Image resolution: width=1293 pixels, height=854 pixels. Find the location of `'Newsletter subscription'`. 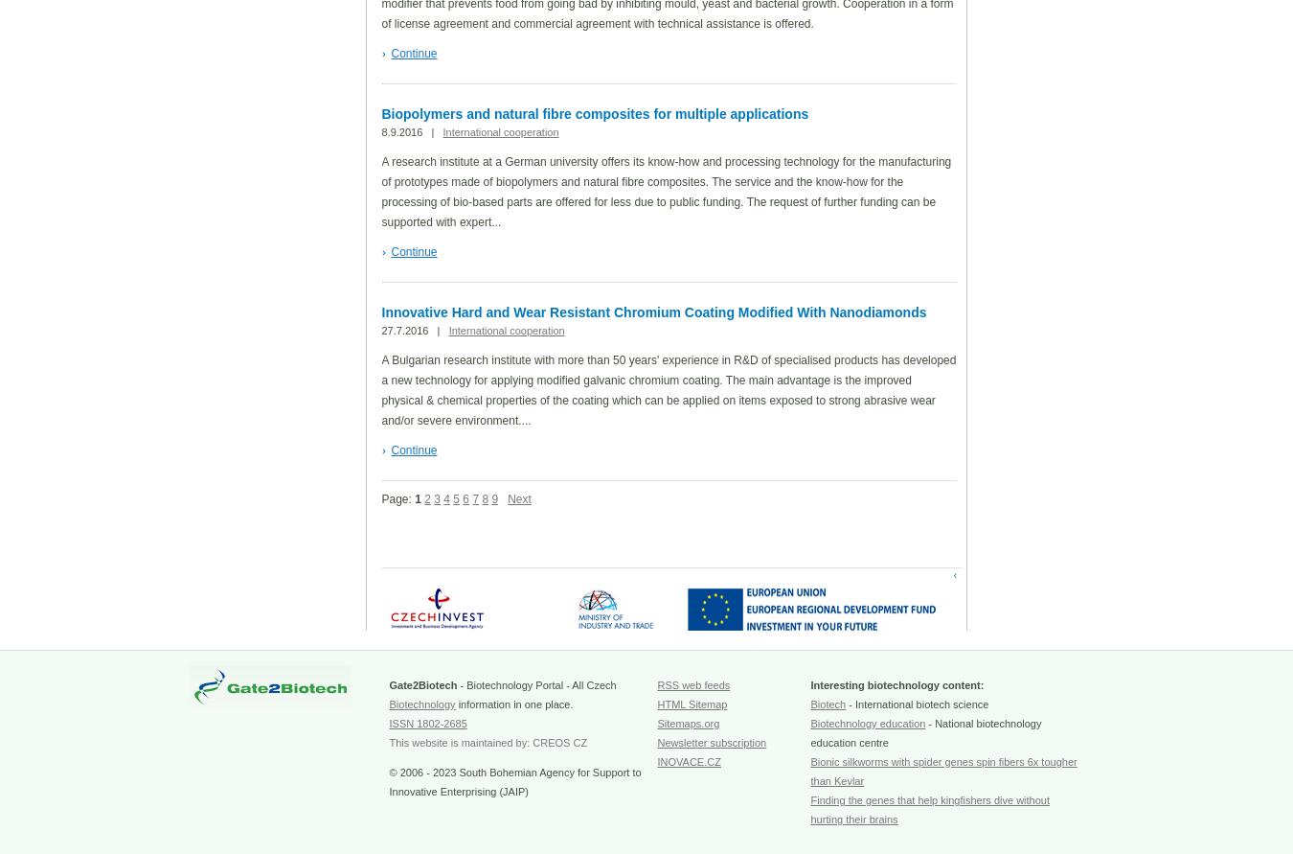

'Newsletter subscription' is located at coordinates (711, 742).